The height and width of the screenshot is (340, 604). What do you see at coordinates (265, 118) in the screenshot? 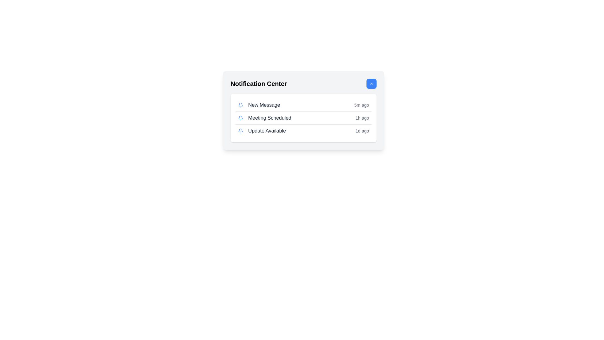
I see `the second notification item in the Notification Center panel` at bounding box center [265, 118].